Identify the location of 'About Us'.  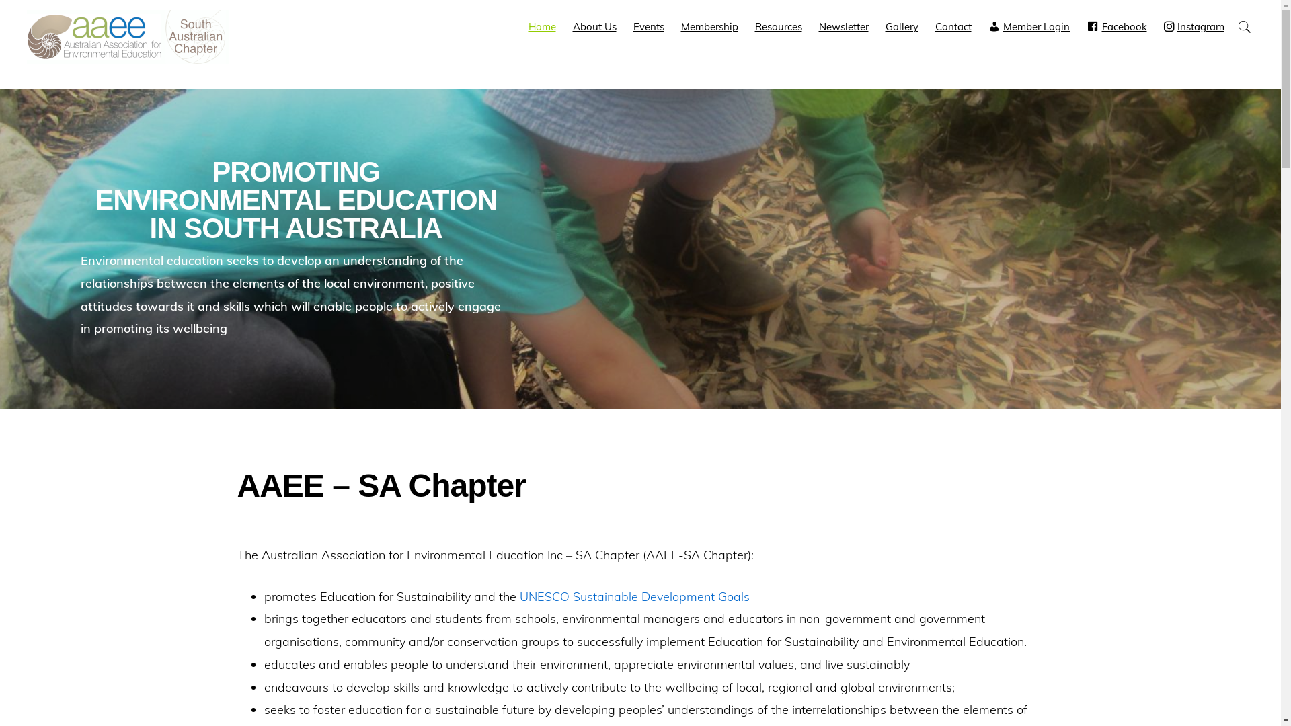
(594, 26).